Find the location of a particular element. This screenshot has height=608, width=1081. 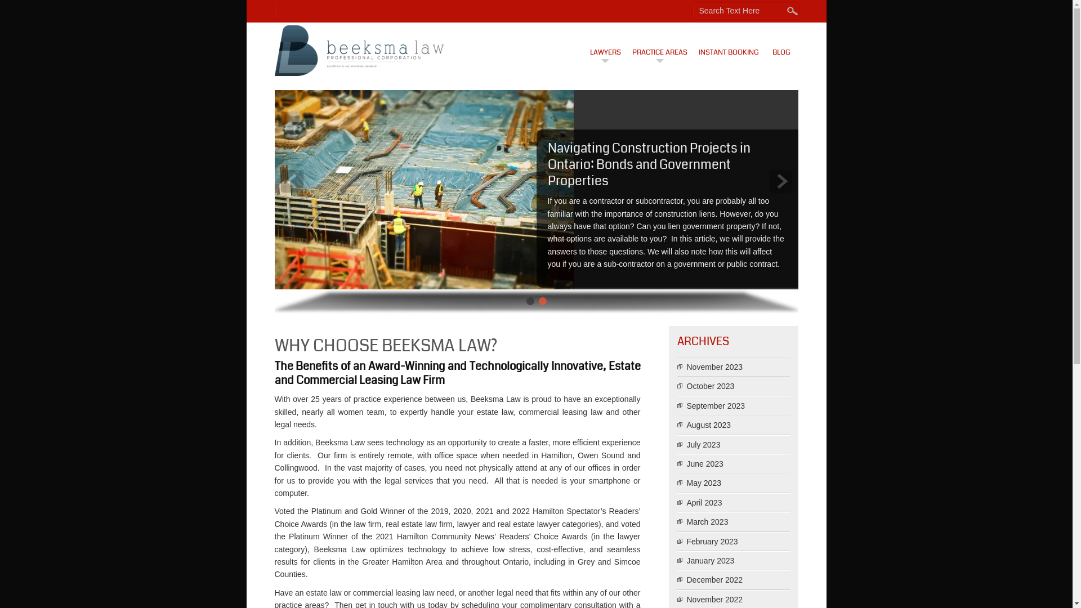

'Prev' is located at coordinates (292, 180).